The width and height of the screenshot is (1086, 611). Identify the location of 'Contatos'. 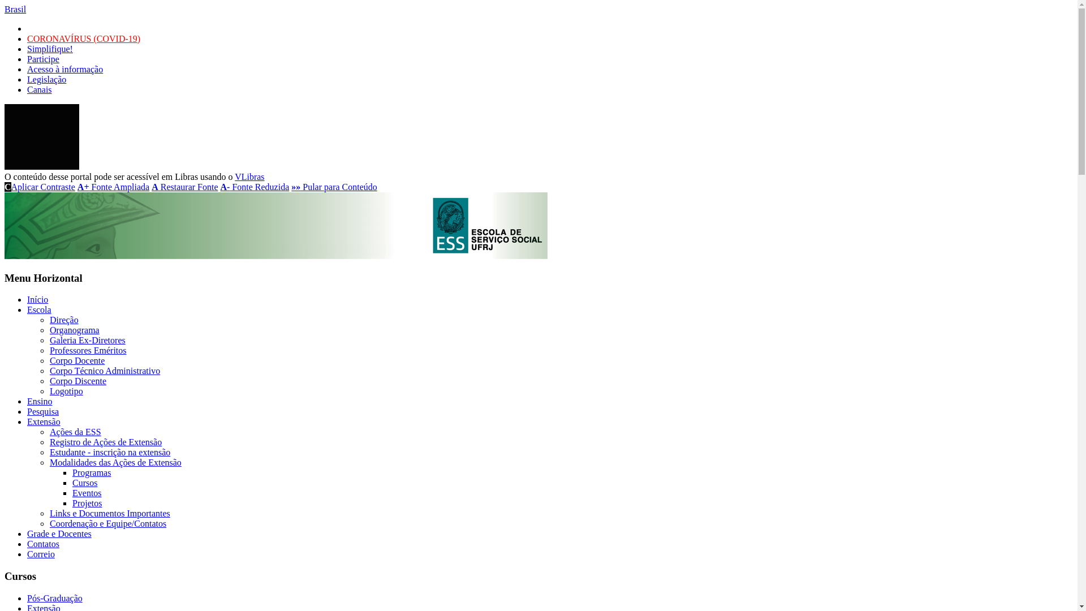
(43, 543).